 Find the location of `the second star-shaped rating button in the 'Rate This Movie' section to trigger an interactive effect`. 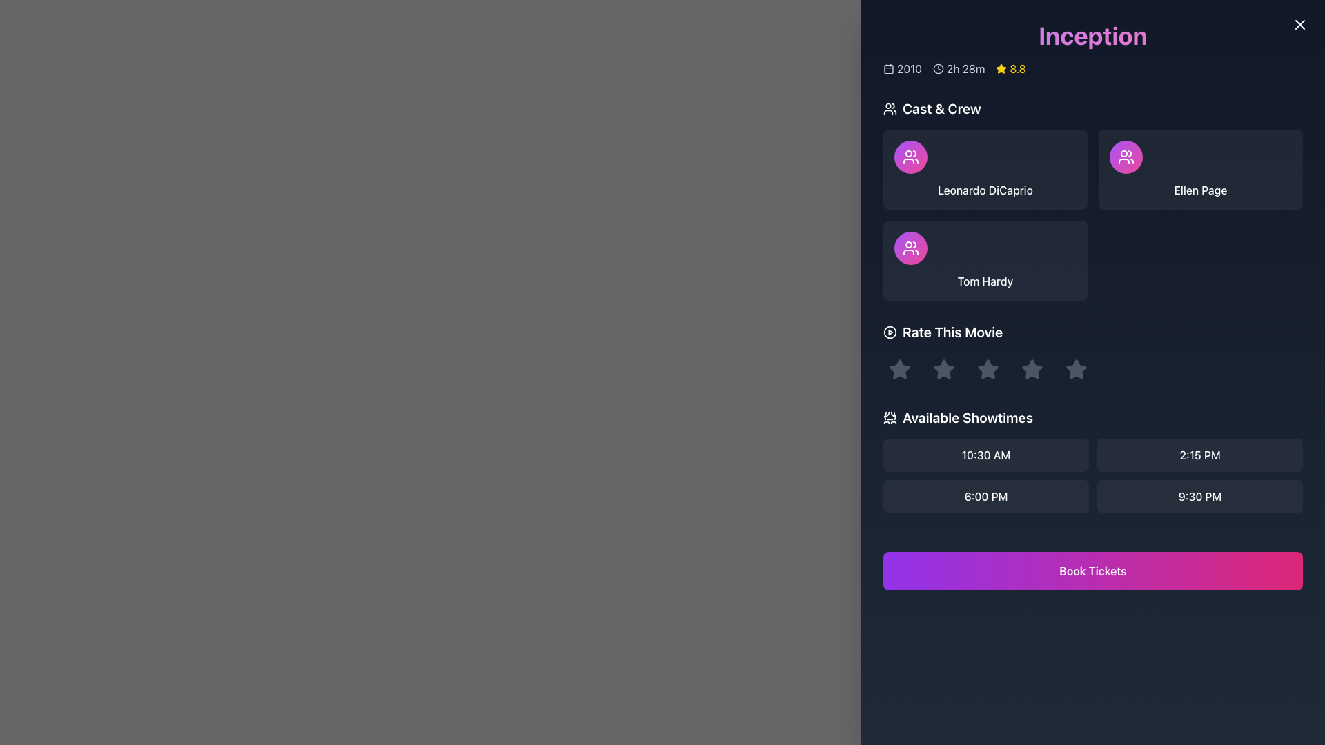

the second star-shaped rating button in the 'Rate This Movie' section to trigger an interactive effect is located at coordinates (987, 368).